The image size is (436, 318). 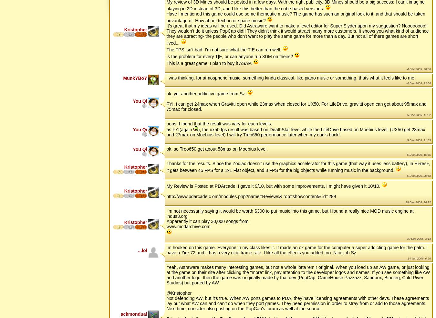 What do you see at coordinates (295, 17) in the screenshot?
I see `'Have I mentioned this game could use some themeatic music? The game has such an original look to it, and that should be taken advantage of. How about techno or space music?'` at bounding box center [295, 17].